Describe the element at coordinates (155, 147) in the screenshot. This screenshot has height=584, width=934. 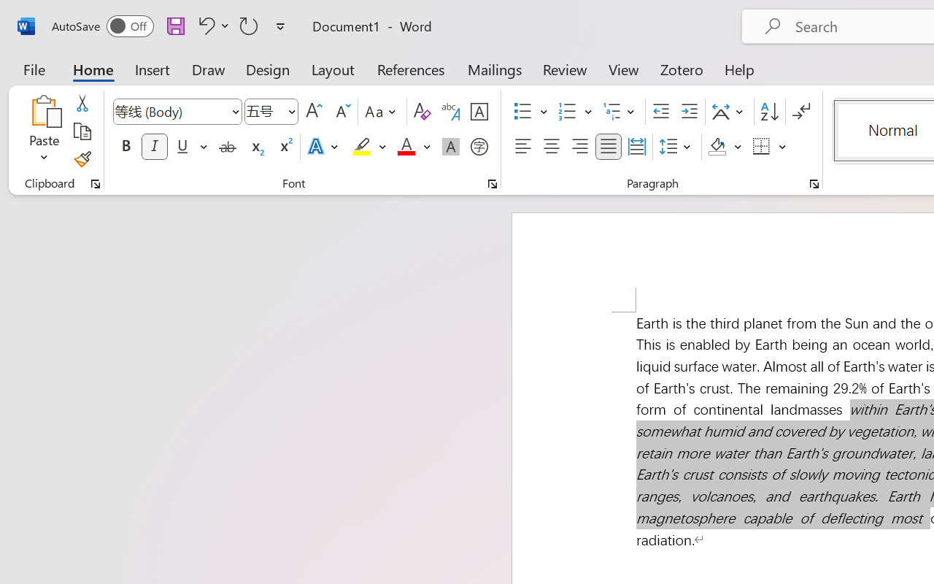
I see `'Italic'` at that location.